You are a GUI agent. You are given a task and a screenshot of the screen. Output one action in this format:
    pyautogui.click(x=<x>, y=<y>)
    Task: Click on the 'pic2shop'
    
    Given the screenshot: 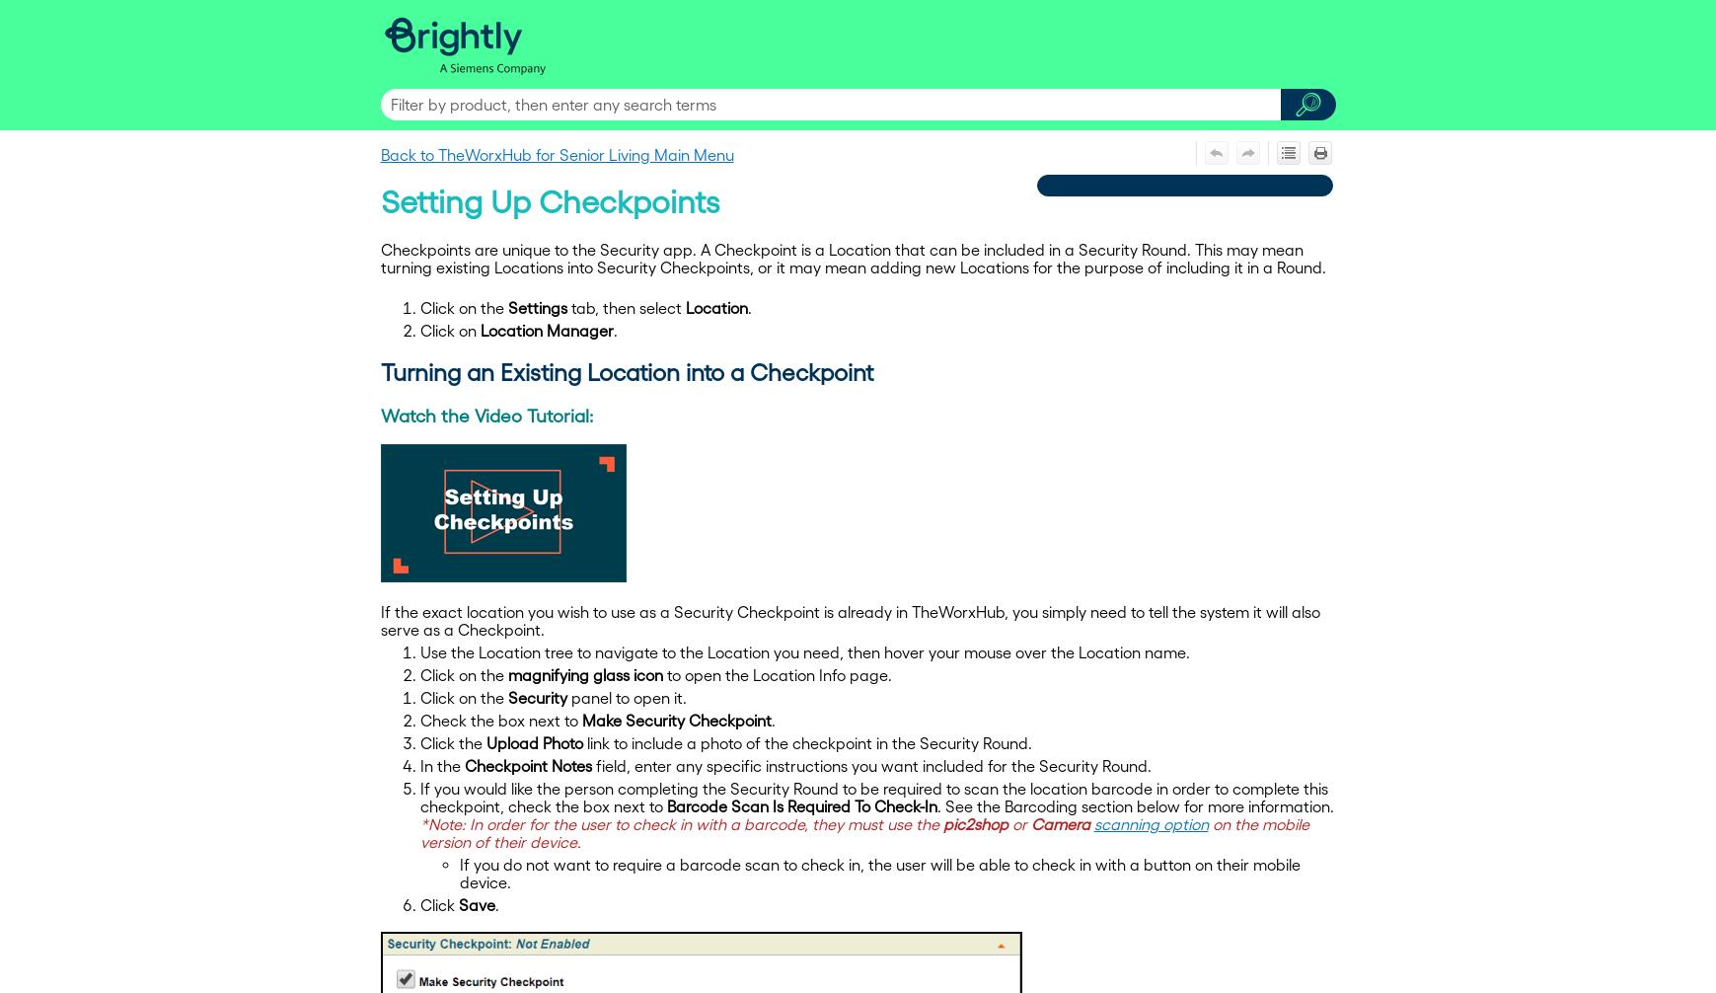 What is the action you would take?
    pyautogui.click(x=974, y=822)
    